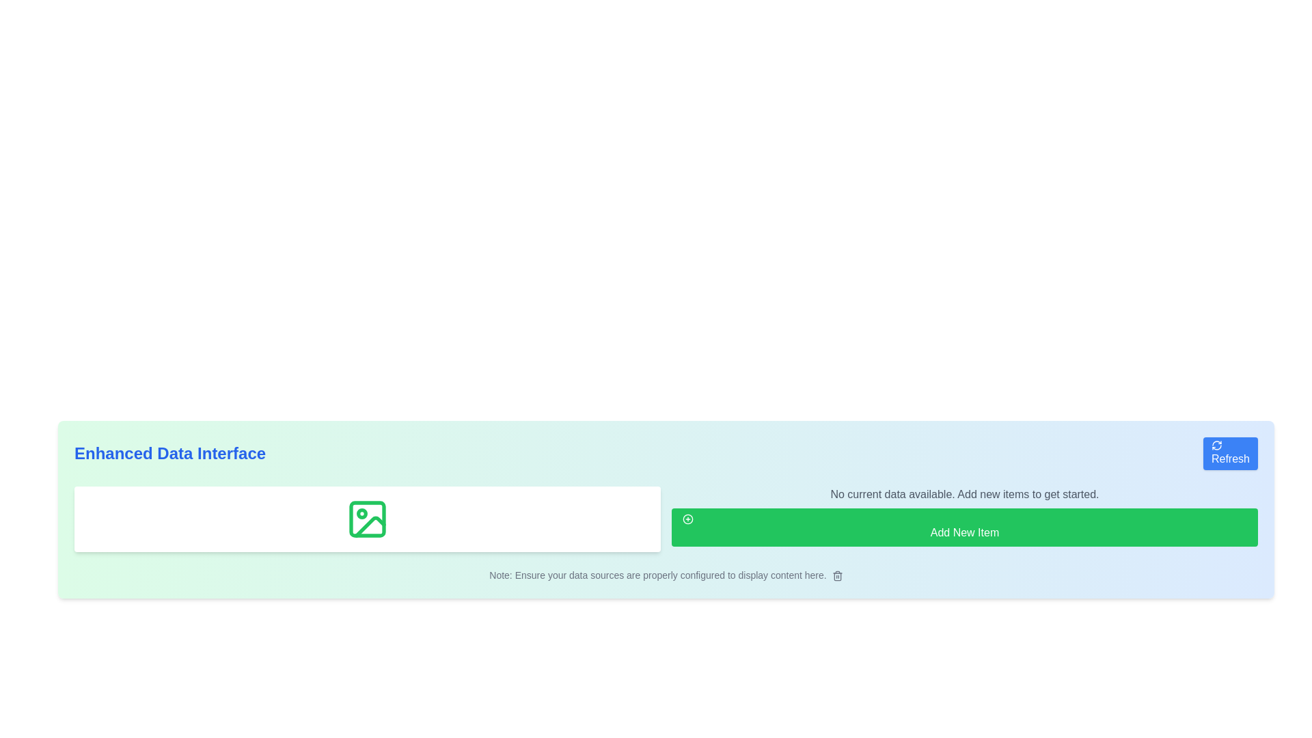  Describe the element at coordinates (963, 519) in the screenshot. I see `the 'Add New Item' button, which is part of a call-to-action component located in the upper right section of the central content area` at that location.